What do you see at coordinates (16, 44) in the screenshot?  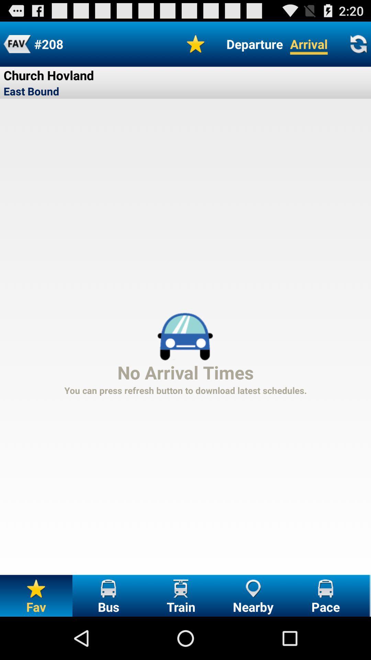 I see `etc` at bounding box center [16, 44].